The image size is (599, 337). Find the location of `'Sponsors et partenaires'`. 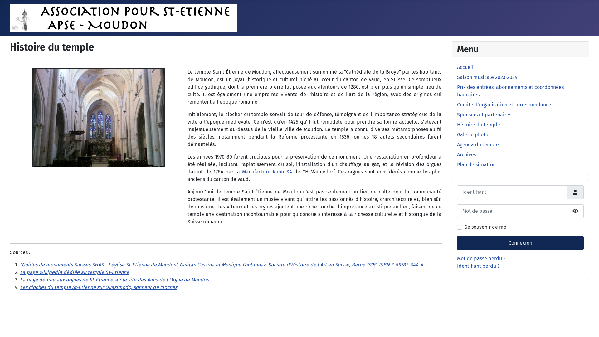

'Sponsors et partenaires' is located at coordinates (484, 115).